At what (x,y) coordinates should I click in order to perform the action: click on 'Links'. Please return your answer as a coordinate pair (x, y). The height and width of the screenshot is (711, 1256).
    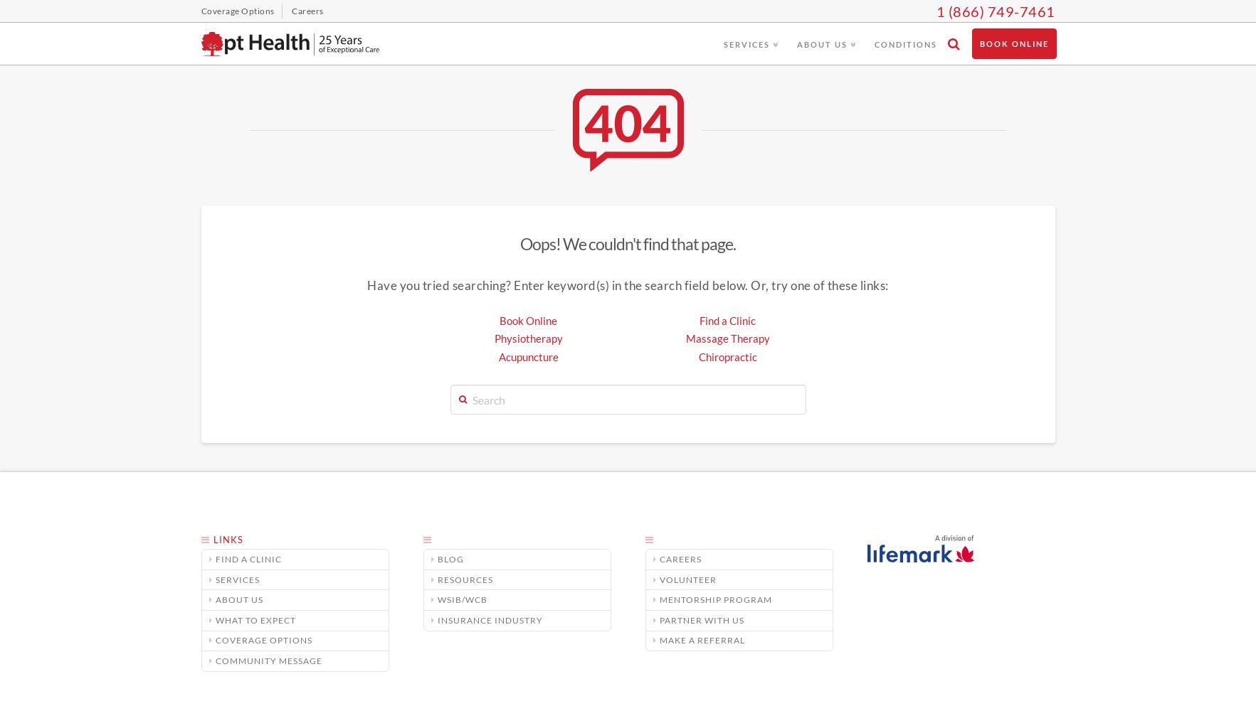
    Looking at the image, I should click on (226, 539).